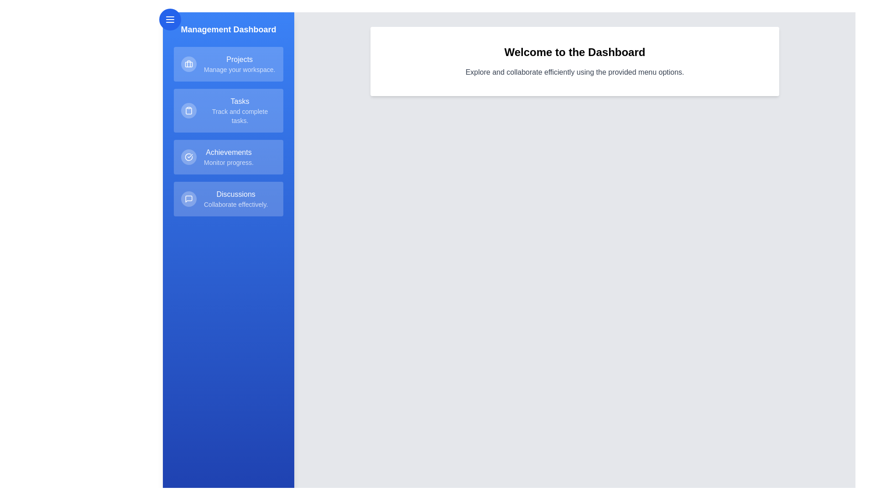  Describe the element at coordinates (228, 198) in the screenshot. I see `the menu item Discussions in the drawer` at that location.